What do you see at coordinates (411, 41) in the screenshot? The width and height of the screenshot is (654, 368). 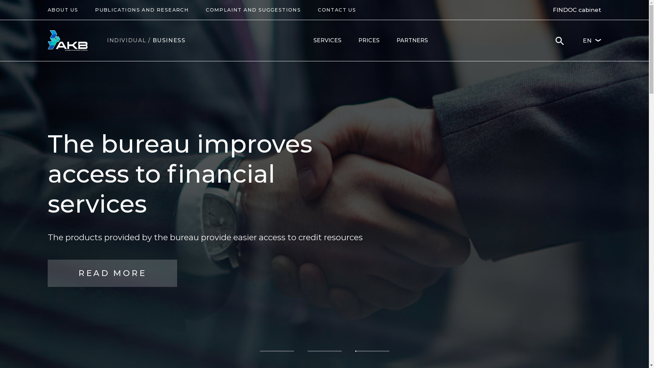 I see `'PARTNERS'` at bounding box center [411, 41].